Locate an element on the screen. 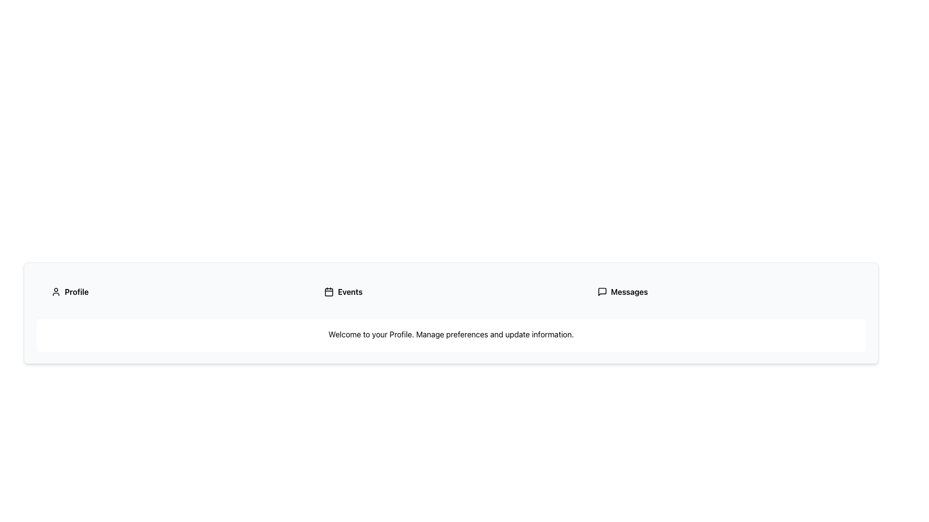 The height and width of the screenshot is (522, 929). the 'Profile' icon located in the horizontal navigation bar, positioned to the left of the text 'Profile' is located at coordinates (55, 291).